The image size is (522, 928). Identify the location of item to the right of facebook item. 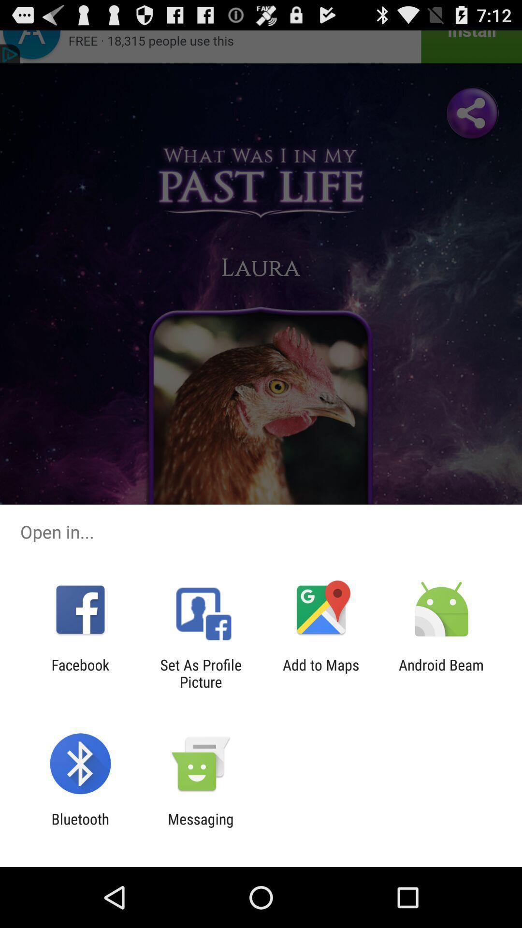
(200, 673).